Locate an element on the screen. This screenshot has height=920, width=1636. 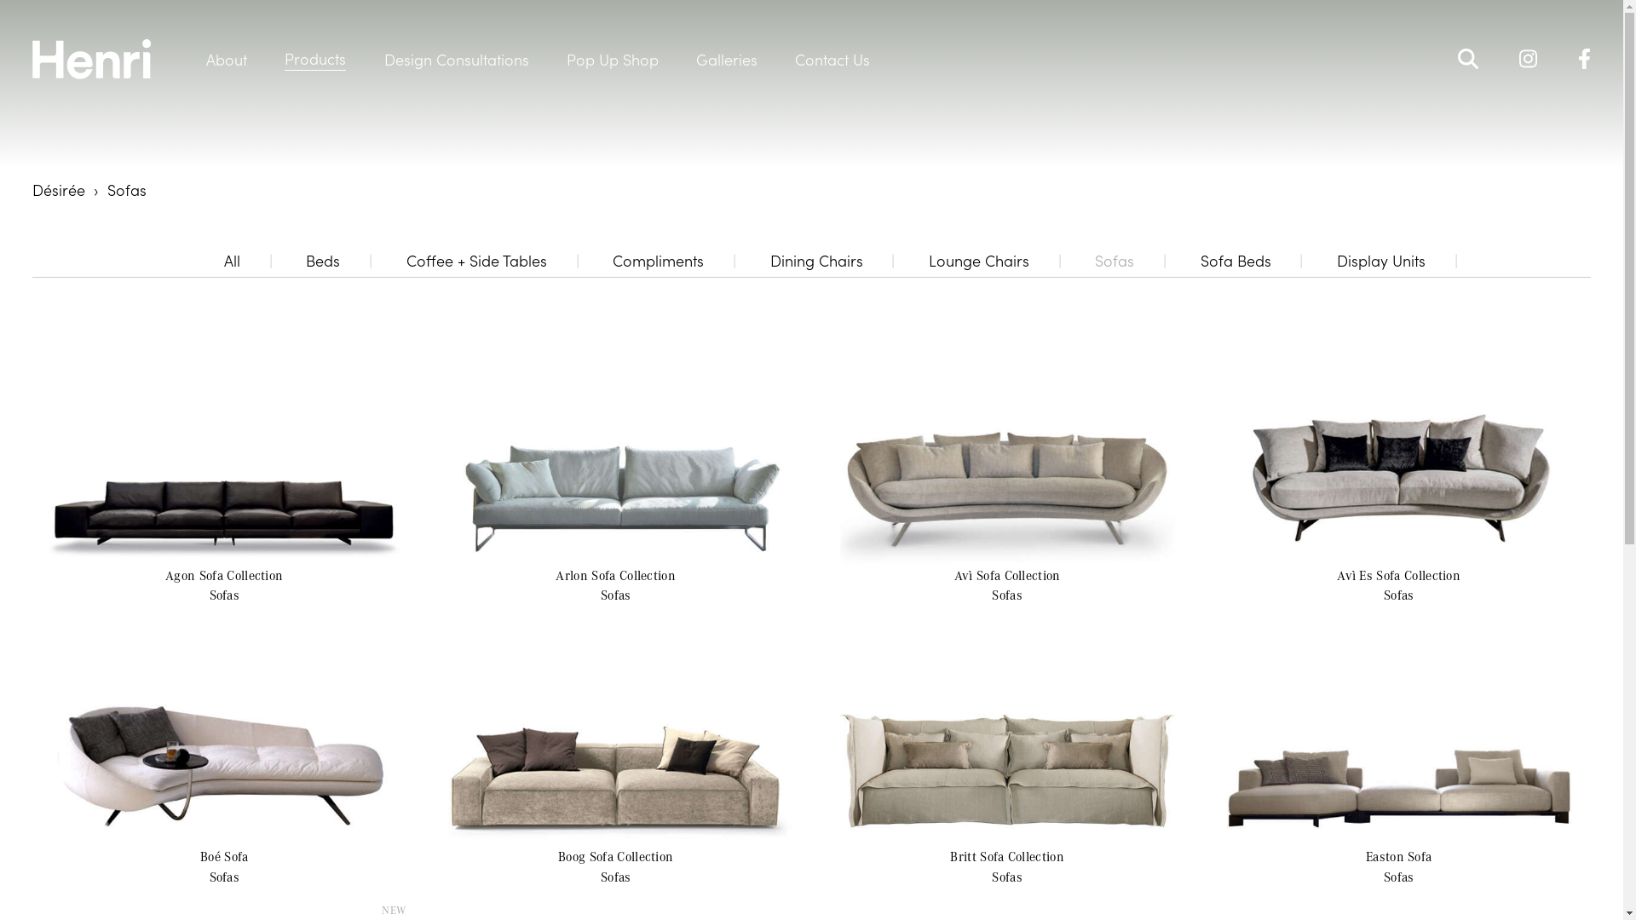
'Britt Sofa Collection' is located at coordinates (1006, 856).